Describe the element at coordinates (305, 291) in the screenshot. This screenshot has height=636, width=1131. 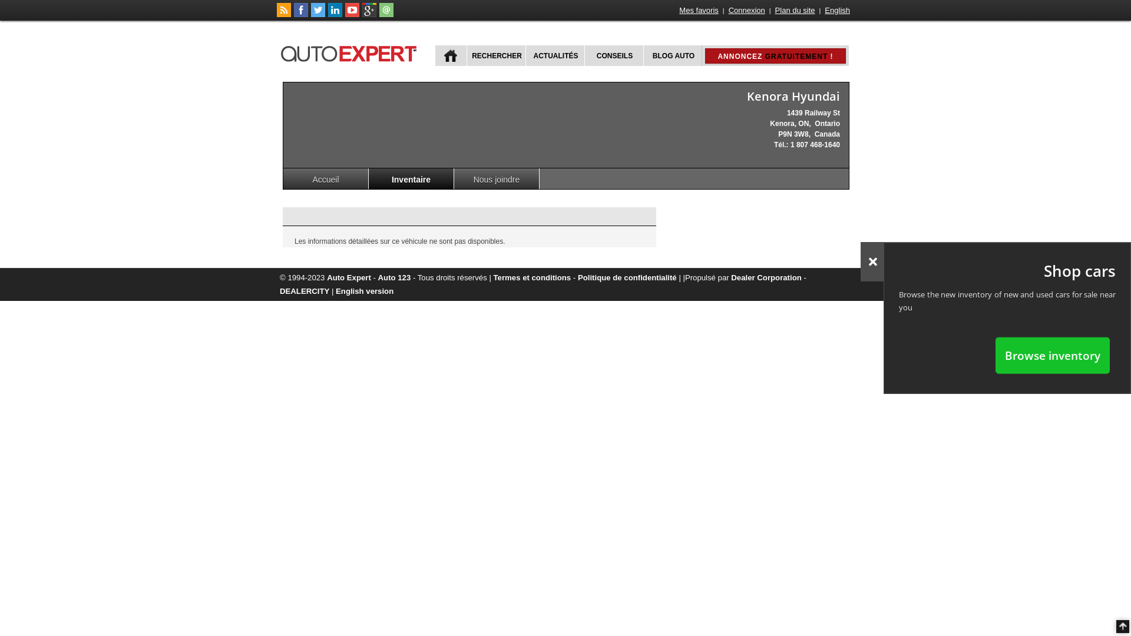
I see `'DEALERCITY'` at that location.